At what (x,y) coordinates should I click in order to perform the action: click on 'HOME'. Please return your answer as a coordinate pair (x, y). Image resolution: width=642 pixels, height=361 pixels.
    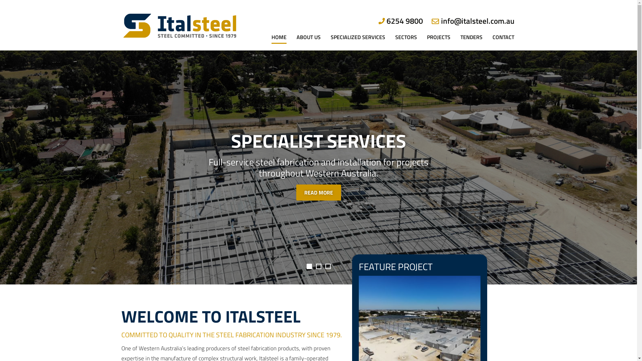
    Looking at the image, I should click on (270, 25).